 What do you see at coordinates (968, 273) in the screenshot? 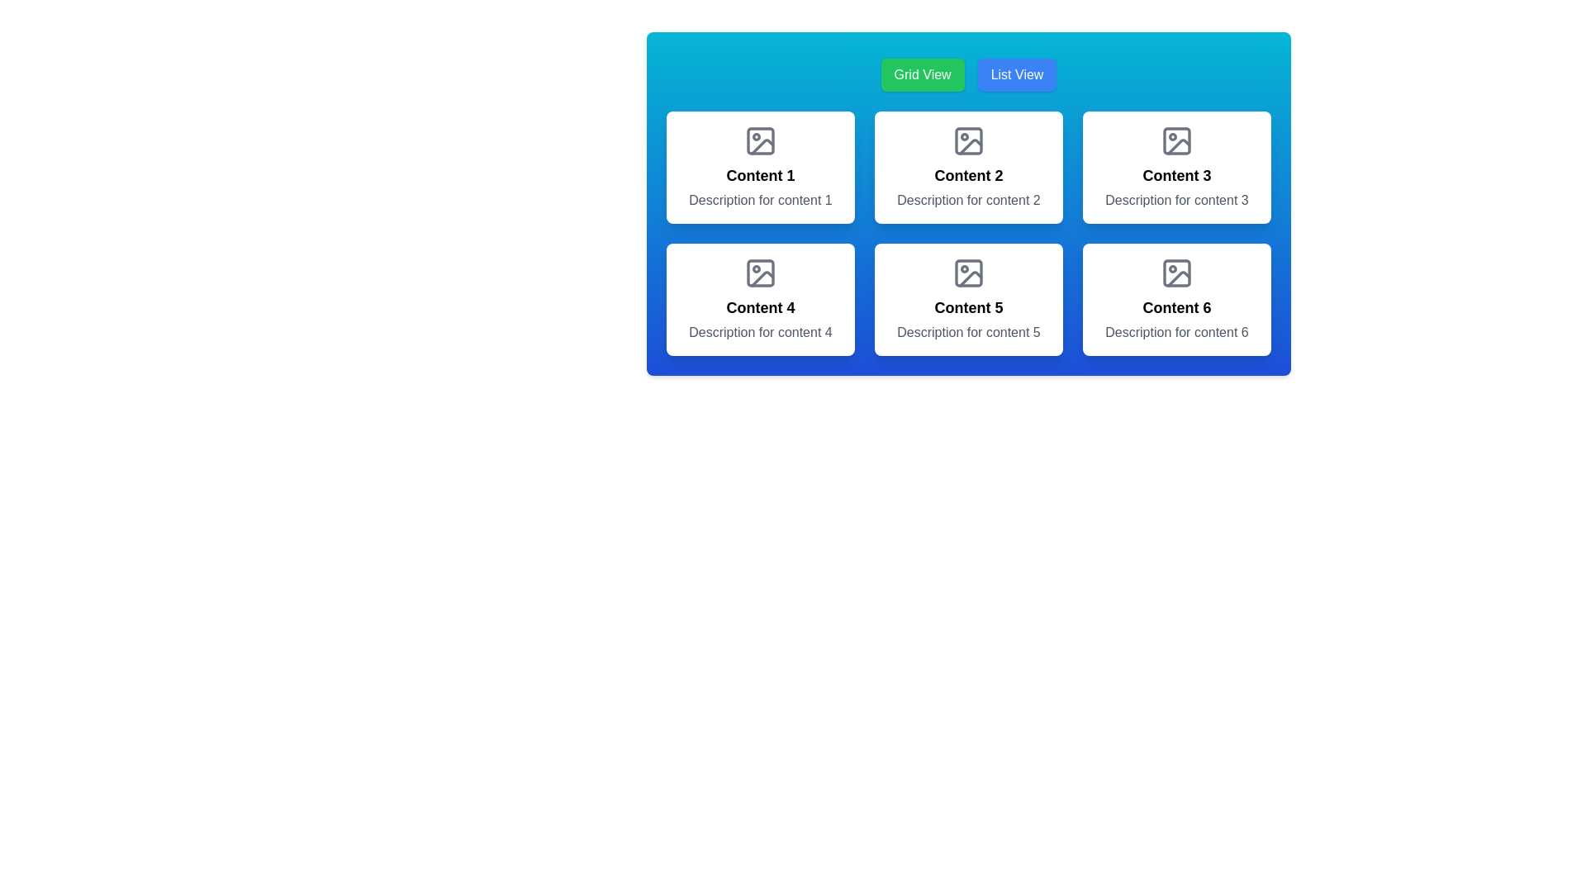
I see `the decorative SVG icon located at the top center of the 'Content 5' card to interact with the content` at bounding box center [968, 273].